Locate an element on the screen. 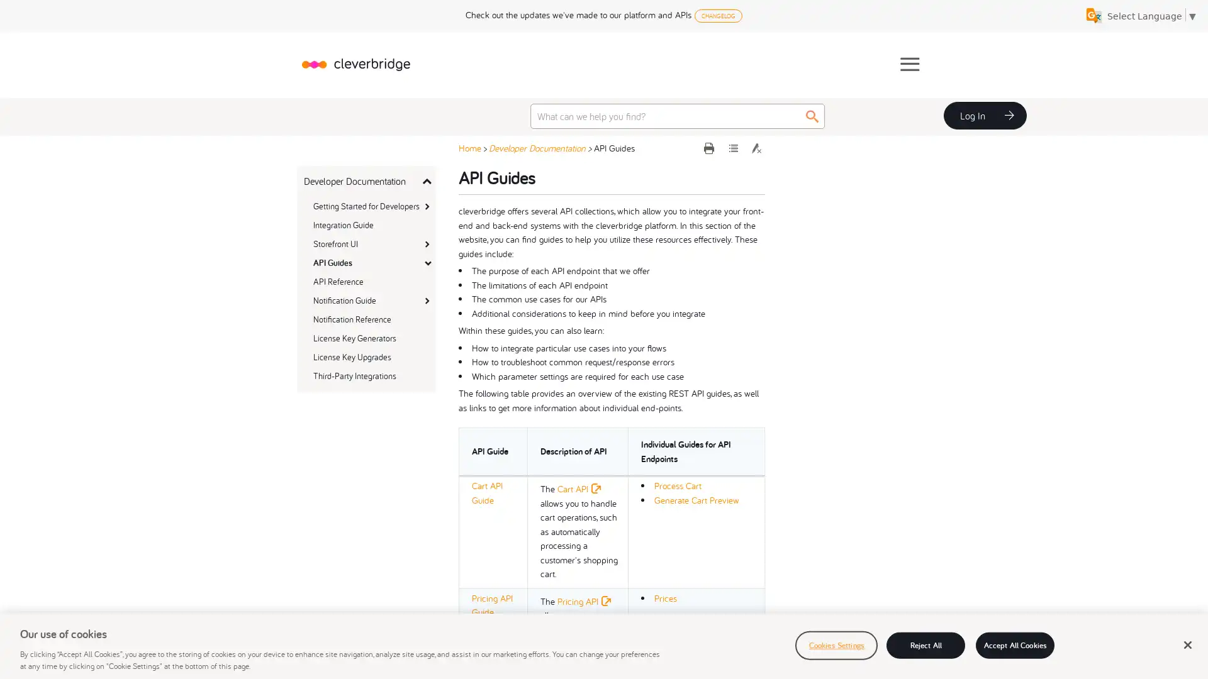 The width and height of the screenshot is (1208, 679). Print is located at coordinates (710, 147).